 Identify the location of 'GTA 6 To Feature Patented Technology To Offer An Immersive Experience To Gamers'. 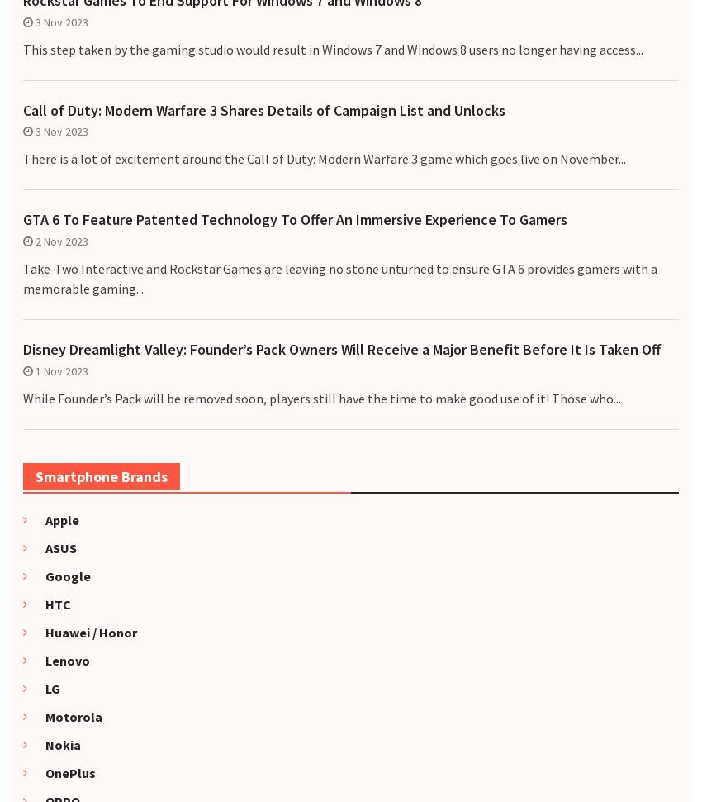
(293, 218).